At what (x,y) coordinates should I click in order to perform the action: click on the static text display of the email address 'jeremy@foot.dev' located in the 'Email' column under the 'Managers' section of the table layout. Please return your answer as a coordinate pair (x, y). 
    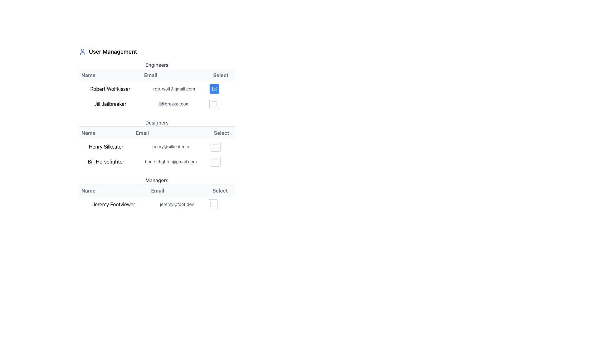
    Looking at the image, I should click on (177, 204).